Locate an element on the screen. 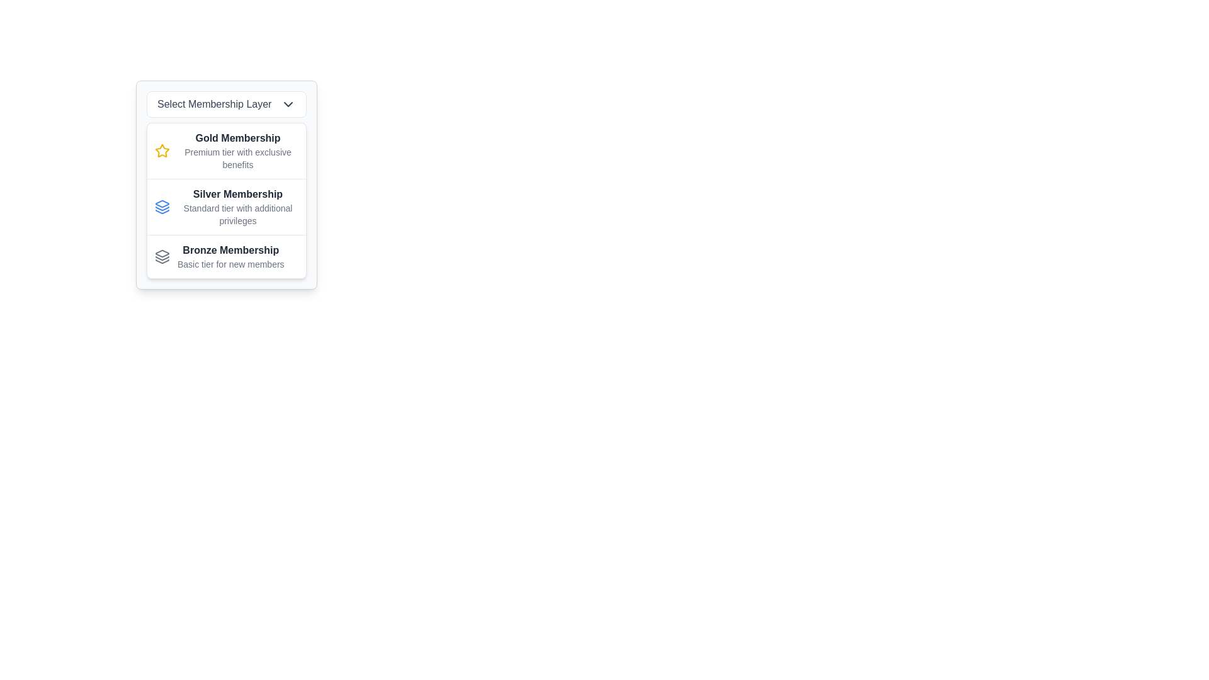 This screenshot has height=680, width=1209. the star-shaped icon with a bold yellow outline that is associated with the 'Gold Membership' text, located at the top of the membership options list is located at coordinates (162, 150).